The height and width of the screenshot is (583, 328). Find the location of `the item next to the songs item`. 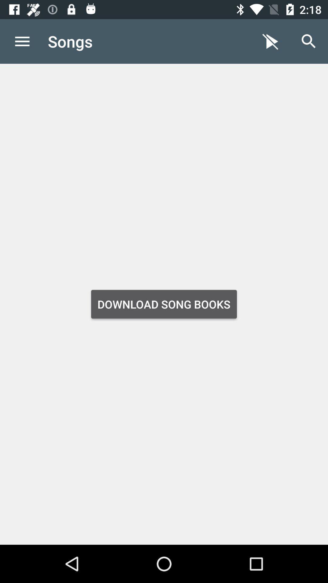

the item next to the songs item is located at coordinates (22, 41).